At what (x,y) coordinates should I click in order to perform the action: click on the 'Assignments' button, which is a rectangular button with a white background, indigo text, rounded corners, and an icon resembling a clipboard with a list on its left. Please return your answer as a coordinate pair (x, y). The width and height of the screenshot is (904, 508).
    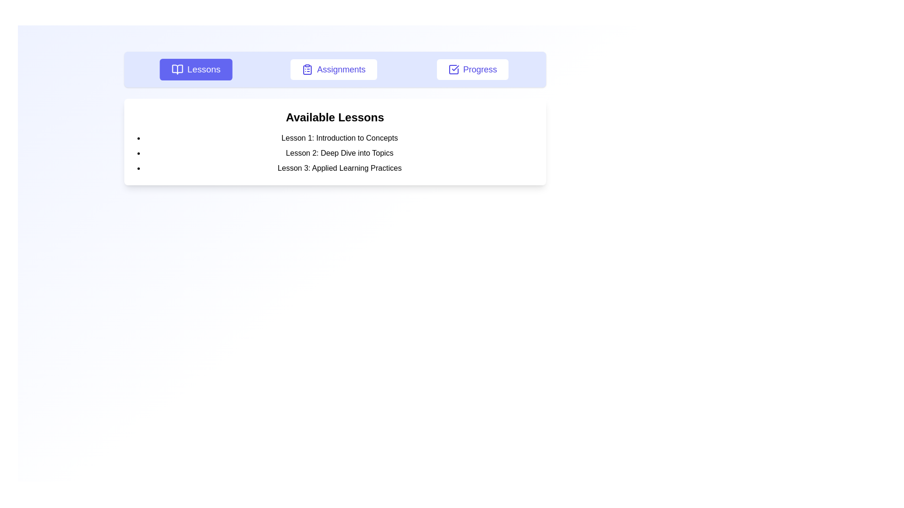
    Looking at the image, I should click on (334, 69).